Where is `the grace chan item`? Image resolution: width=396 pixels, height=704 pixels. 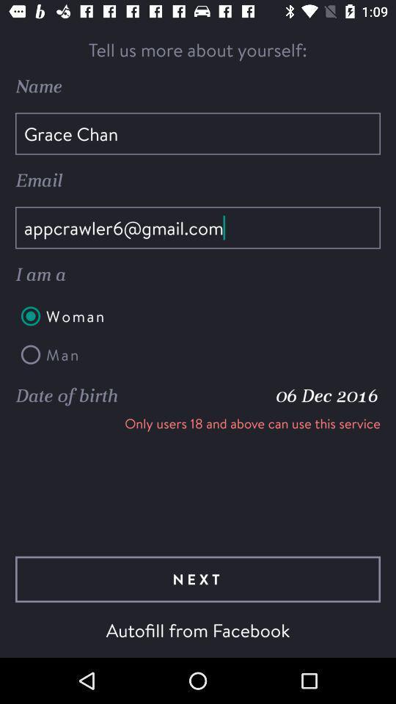
the grace chan item is located at coordinates (198, 133).